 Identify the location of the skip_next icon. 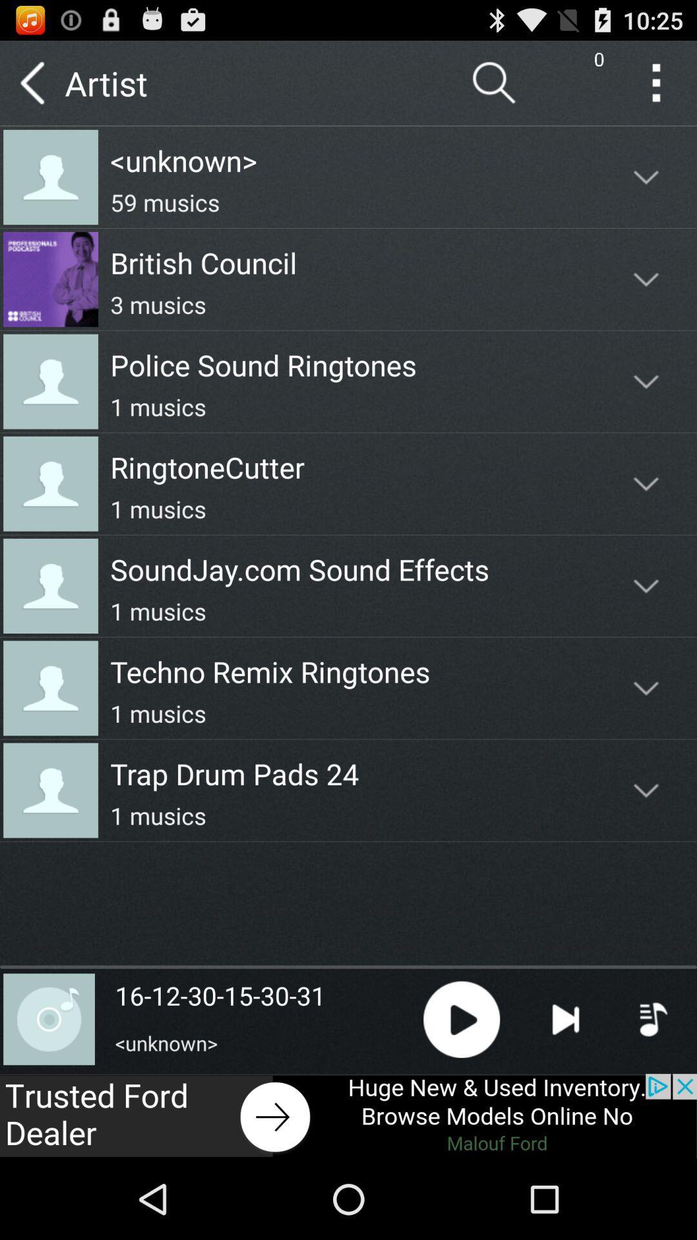
(565, 1090).